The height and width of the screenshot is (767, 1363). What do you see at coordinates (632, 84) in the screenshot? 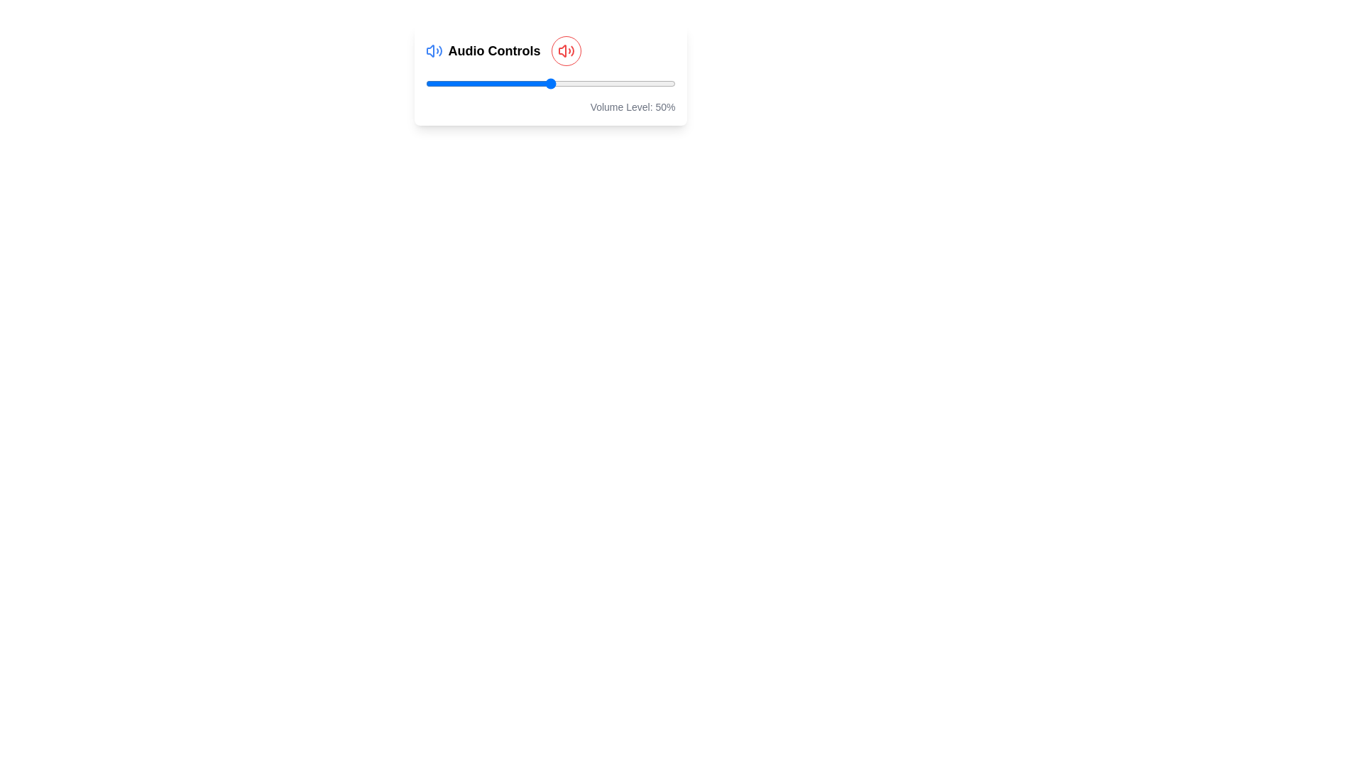
I see `the volume slider to 83% by dragging the slider to the corresponding position` at bounding box center [632, 84].